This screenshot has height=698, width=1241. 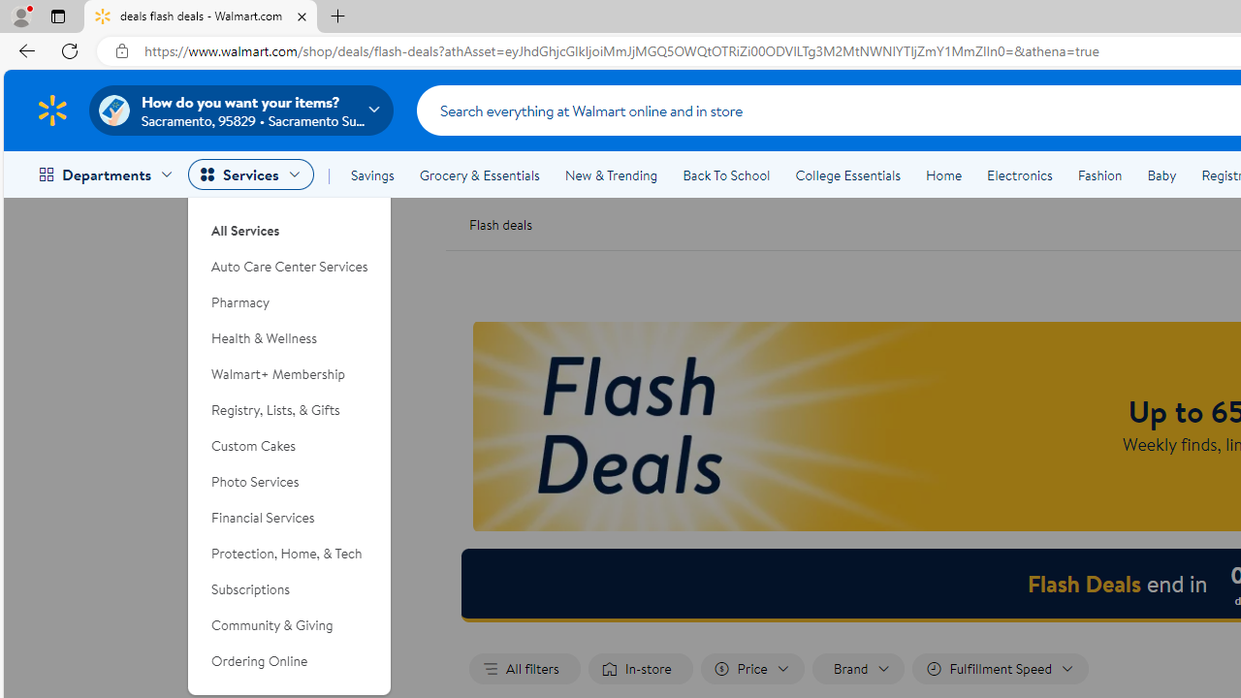 What do you see at coordinates (1161, 175) in the screenshot?
I see `'Baby'` at bounding box center [1161, 175].